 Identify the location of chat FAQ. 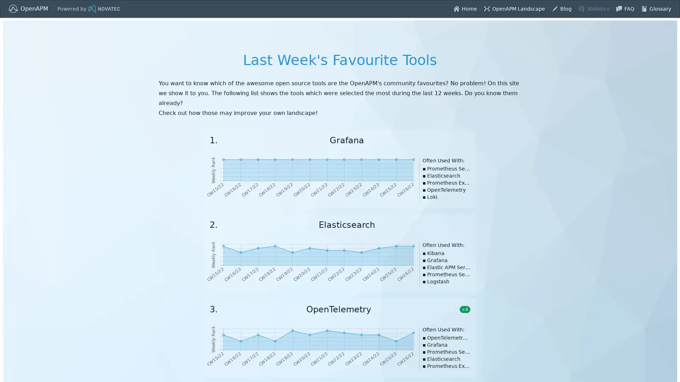
(625, 8).